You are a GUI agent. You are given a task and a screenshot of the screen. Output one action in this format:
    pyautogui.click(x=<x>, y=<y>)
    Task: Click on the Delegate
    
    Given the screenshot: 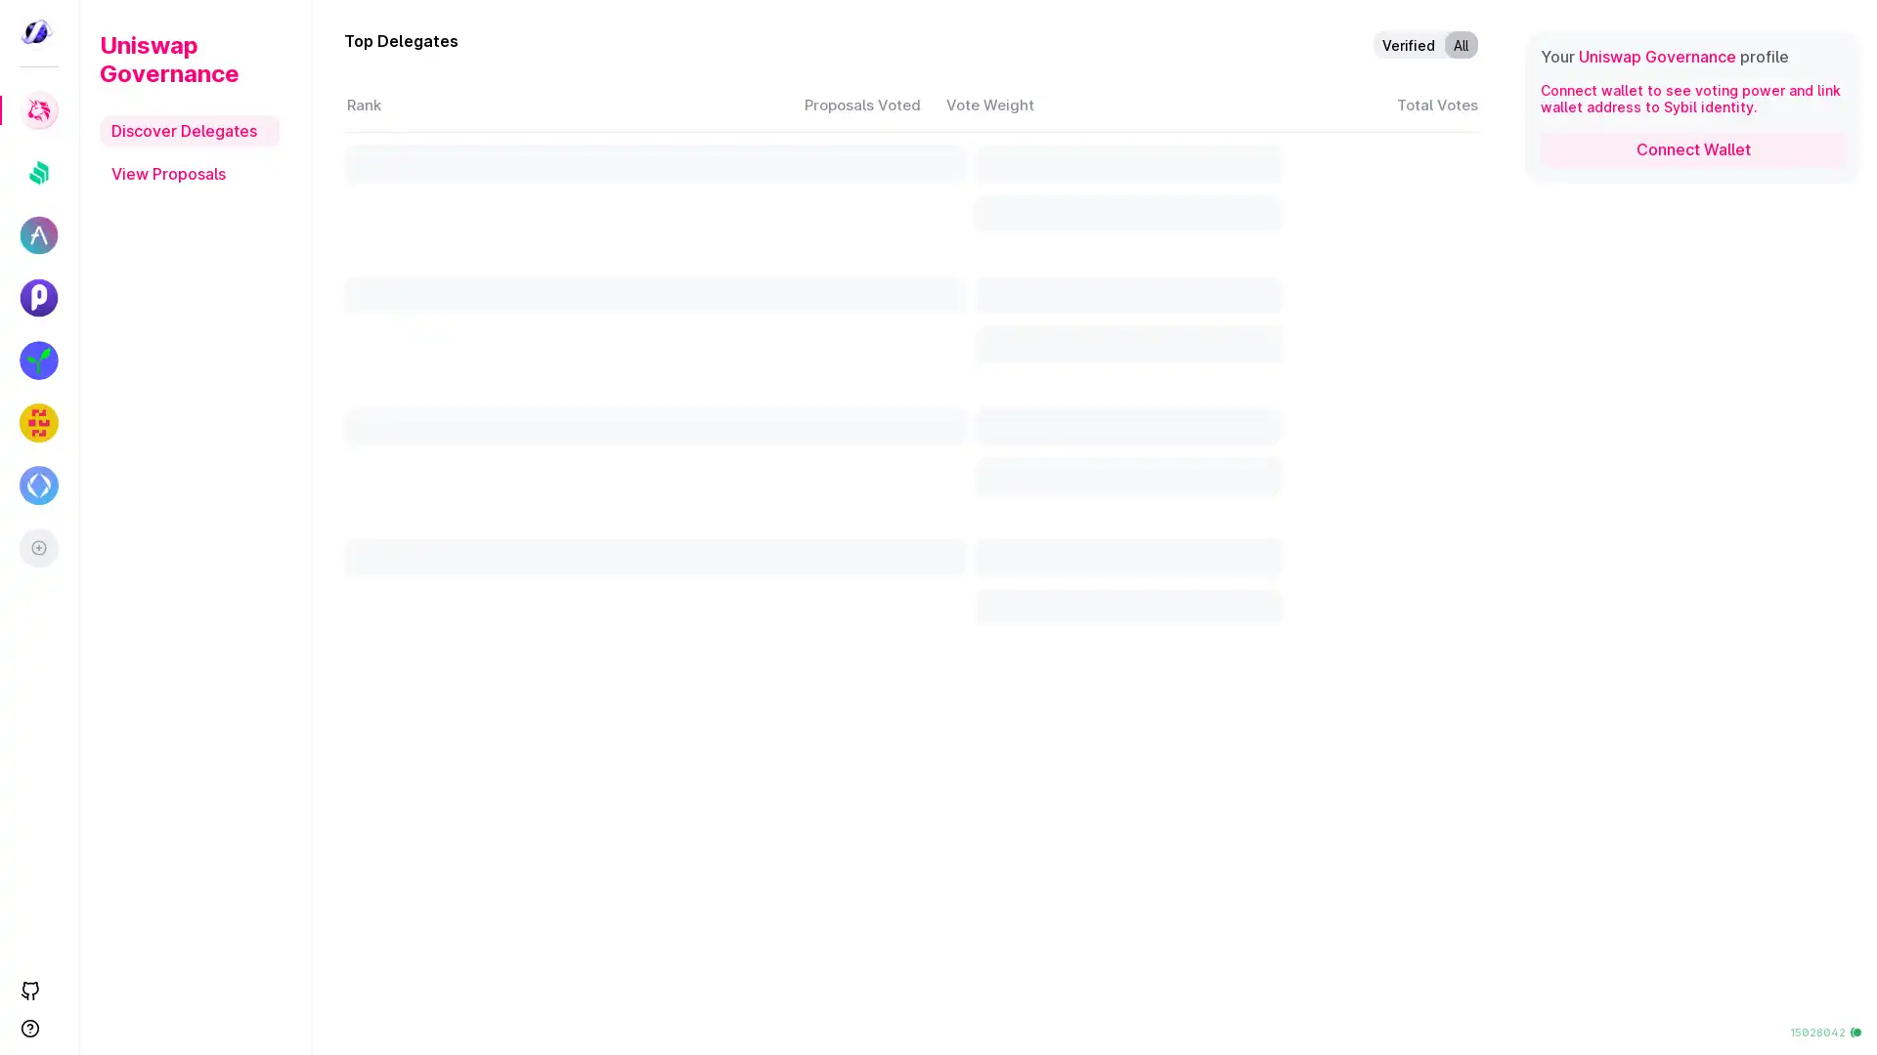 What is the action you would take?
    pyautogui.click(x=1296, y=967)
    